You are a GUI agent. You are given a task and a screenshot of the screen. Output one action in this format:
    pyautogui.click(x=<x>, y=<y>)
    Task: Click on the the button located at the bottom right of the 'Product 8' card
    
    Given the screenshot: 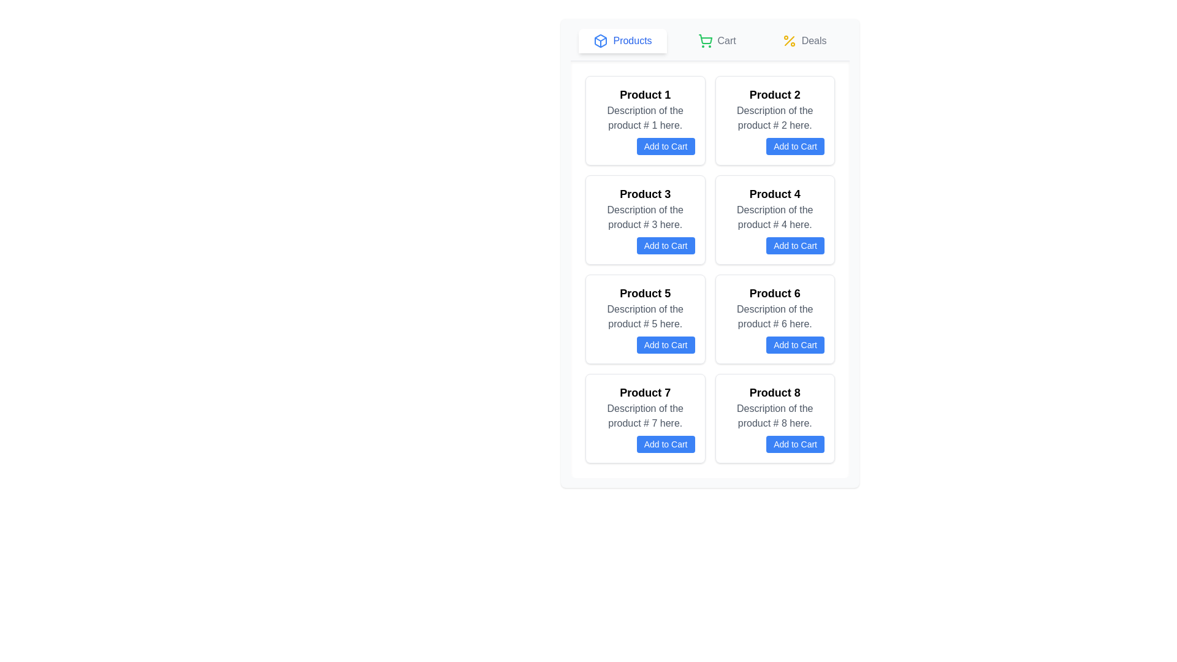 What is the action you would take?
    pyautogui.click(x=795, y=444)
    